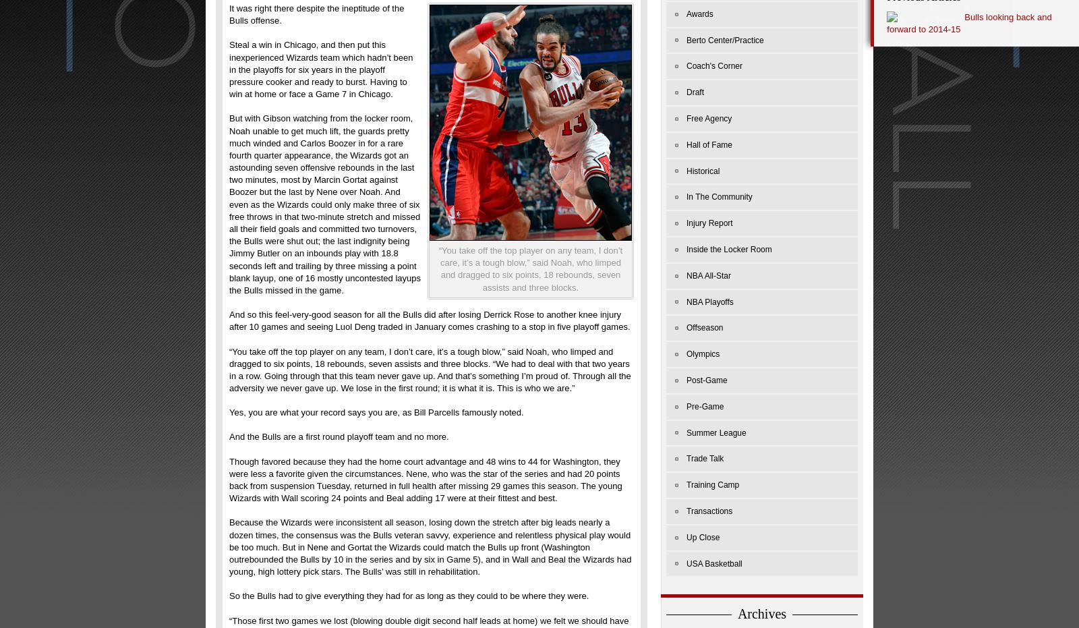 This screenshot has height=628, width=1079. I want to click on 'Awards', so click(699, 13).